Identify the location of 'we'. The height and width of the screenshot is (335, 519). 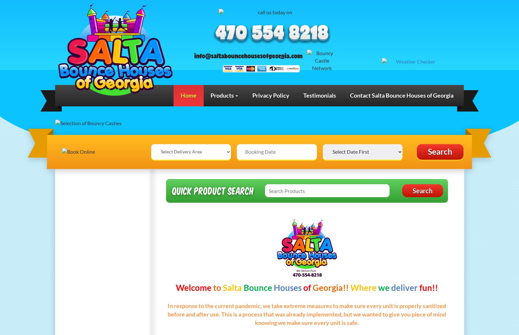
(378, 287).